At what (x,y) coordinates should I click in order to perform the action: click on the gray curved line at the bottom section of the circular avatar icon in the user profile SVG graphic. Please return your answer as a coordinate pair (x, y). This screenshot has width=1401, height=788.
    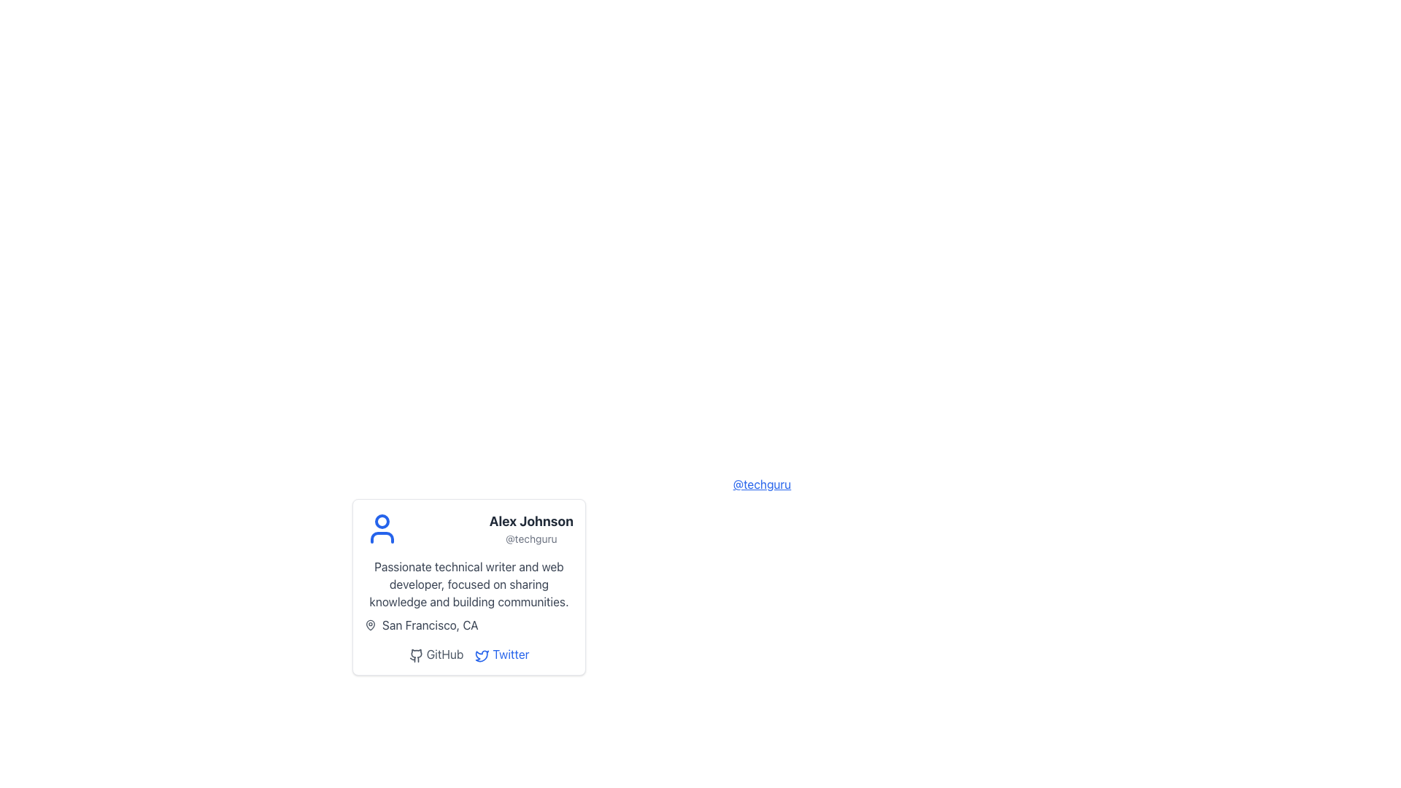
    Looking at the image, I should click on (382, 537).